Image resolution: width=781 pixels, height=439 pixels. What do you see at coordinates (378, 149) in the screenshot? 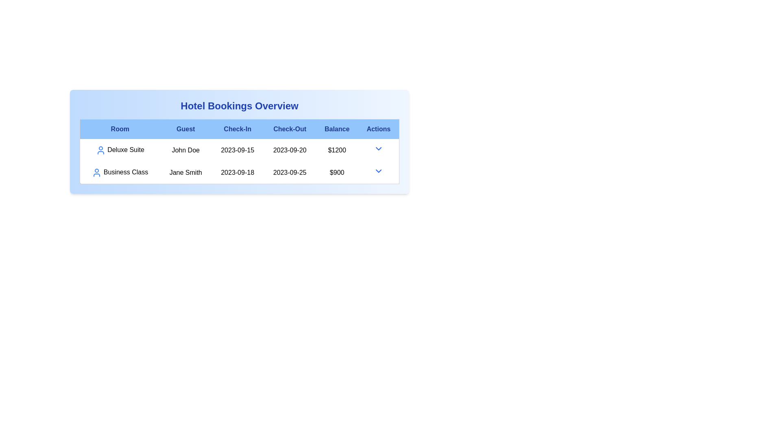
I see `arrow button in the Actions column for the row corresponding to Deluxe Suite` at bounding box center [378, 149].